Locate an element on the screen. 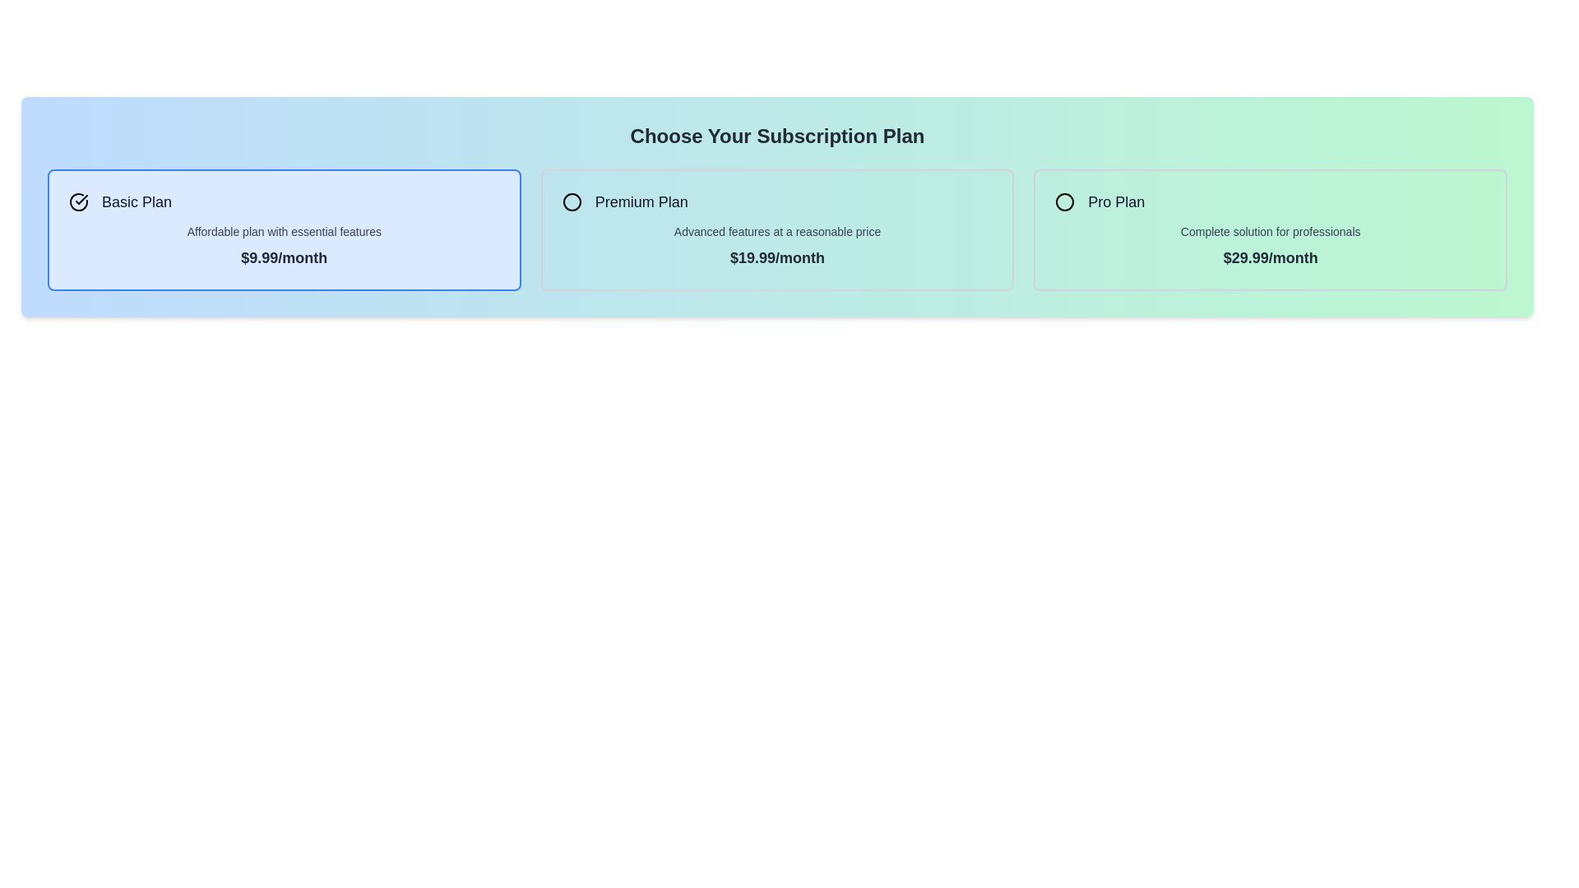 The height and width of the screenshot is (888, 1579). the text label that reads 'Advanced features at a reasonable price', which is positioned as a subtitle under the 'Premium Plan' header in the Premium Plan pricing card is located at coordinates (776, 231).